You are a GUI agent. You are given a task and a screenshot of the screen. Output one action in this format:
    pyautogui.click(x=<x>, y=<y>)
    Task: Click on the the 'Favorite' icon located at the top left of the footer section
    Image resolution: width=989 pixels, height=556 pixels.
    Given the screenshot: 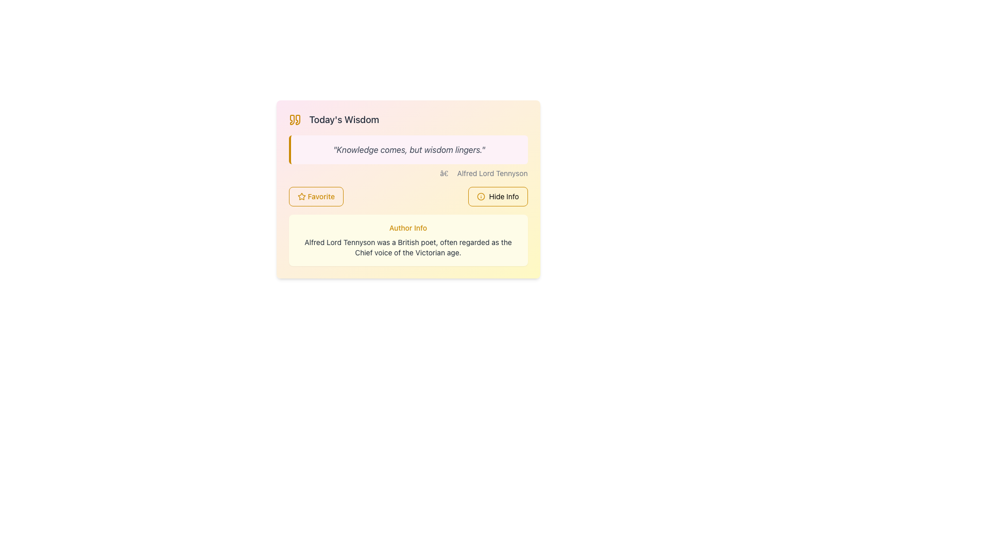 What is the action you would take?
    pyautogui.click(x=301, y=196)
    